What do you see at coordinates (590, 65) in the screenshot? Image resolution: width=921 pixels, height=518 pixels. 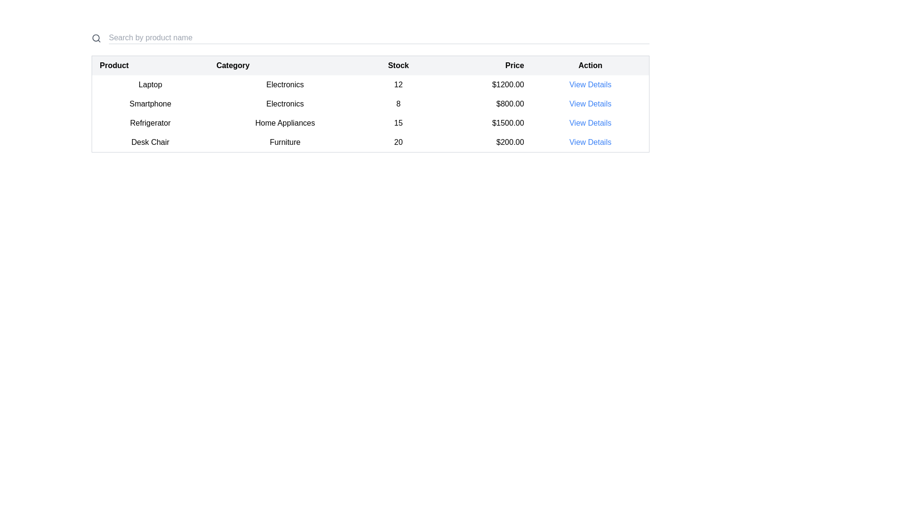 I see `the 'Action' label, which is a bold text element in the fifth column header of the table, positioned to the far right adjacent to the 'Price' column` at bounding box center [590, 65].